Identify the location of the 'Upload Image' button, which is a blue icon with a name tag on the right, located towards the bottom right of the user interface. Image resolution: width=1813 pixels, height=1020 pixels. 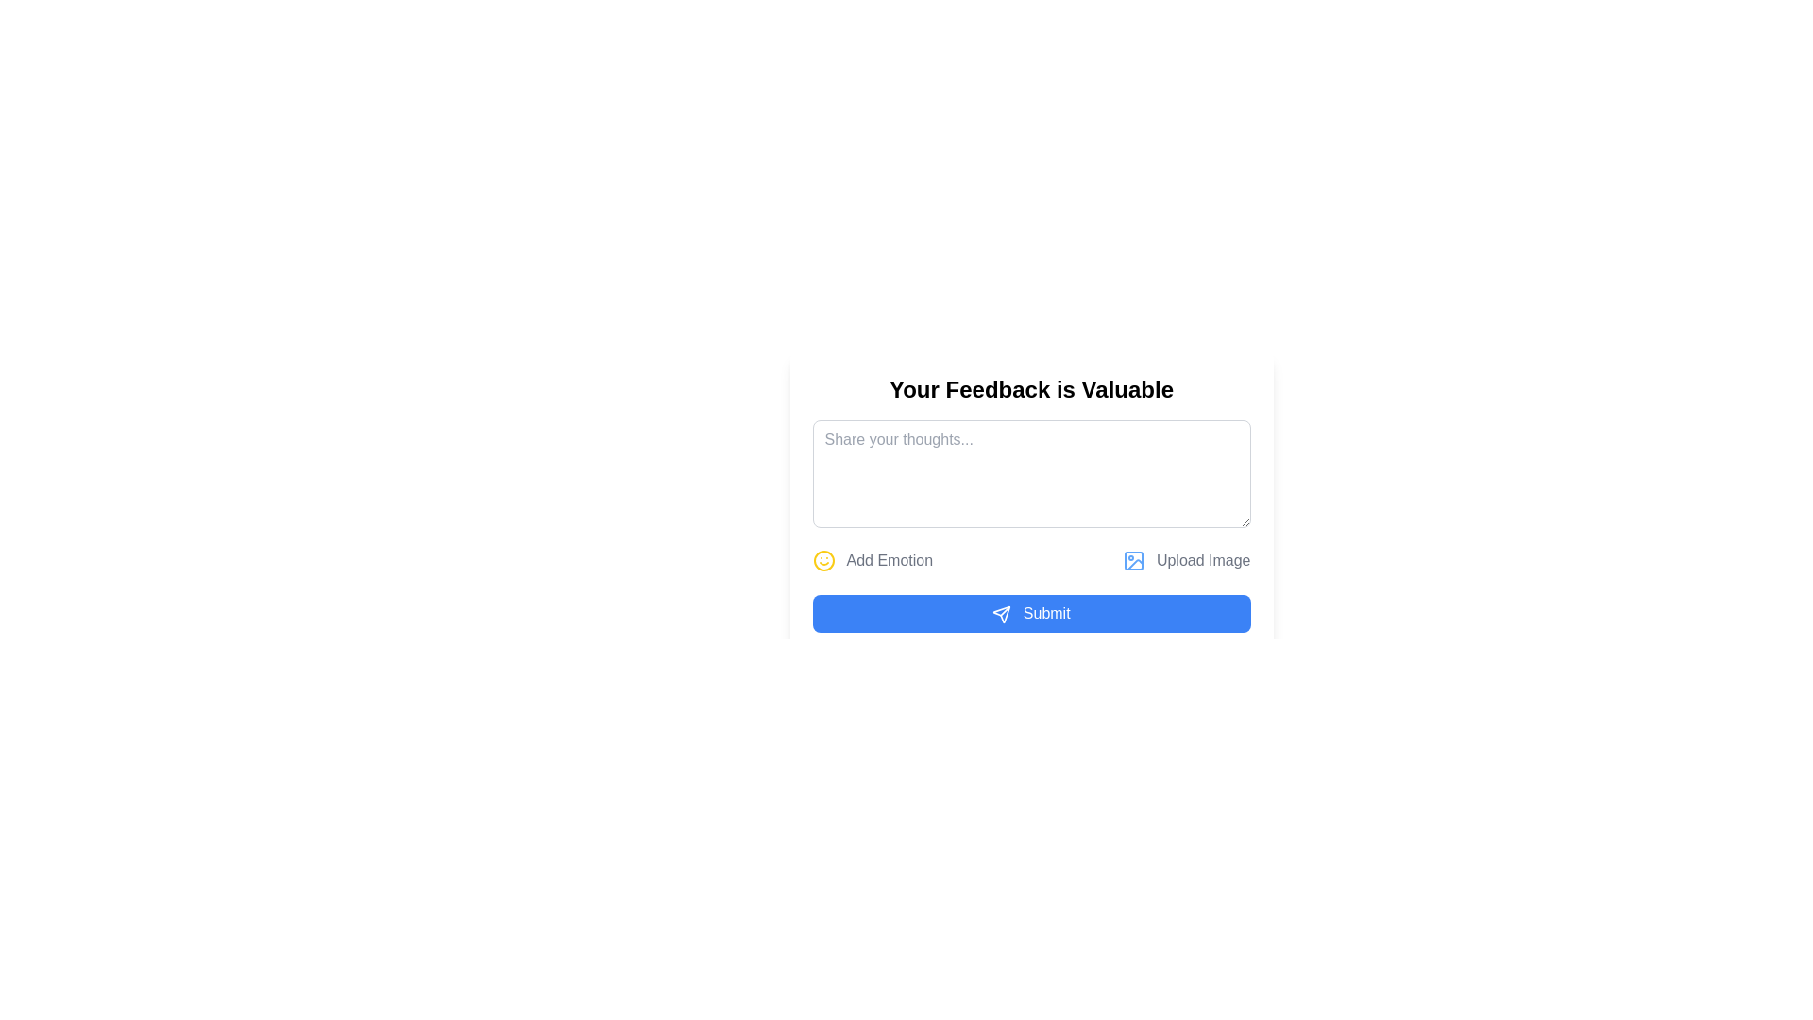
(1185, 560).